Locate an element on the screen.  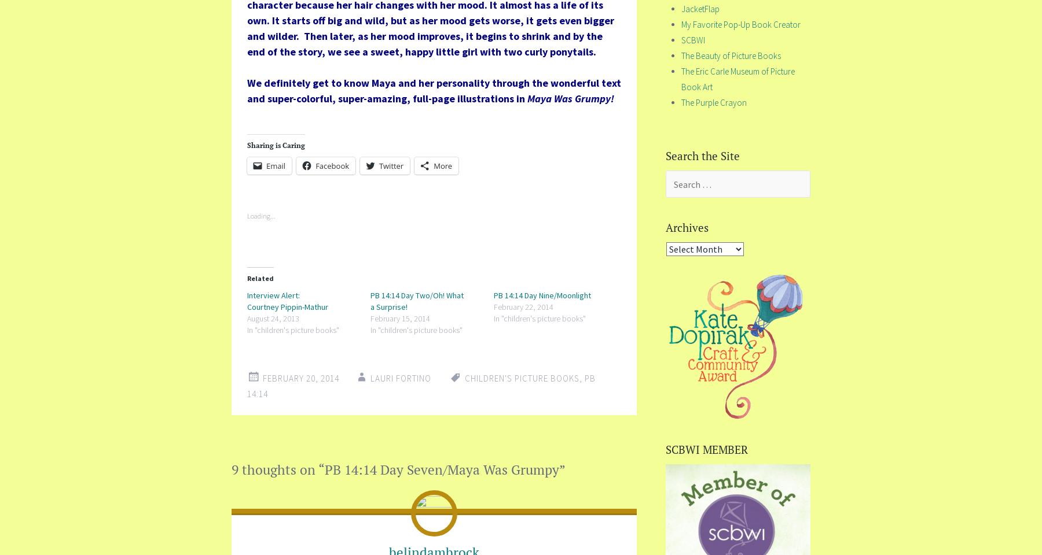
'SCBWI' is located at coordinates (692, 39).